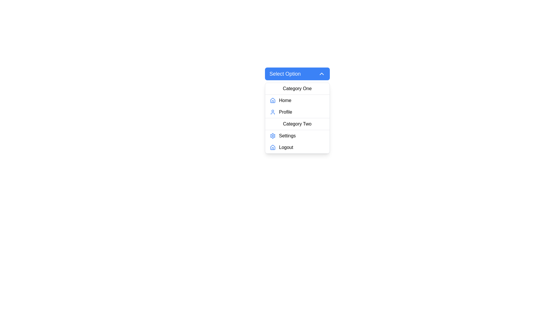 This screenshot has height=313, width=556. What do you see at coordinates (272, 100) in the screenshot?
I see `the vibrant blue house icon in the dropdown list labeled 'Home', positioned to the left of the text within the second item under the 'Select Option' button` at bounding box center [272, 100].